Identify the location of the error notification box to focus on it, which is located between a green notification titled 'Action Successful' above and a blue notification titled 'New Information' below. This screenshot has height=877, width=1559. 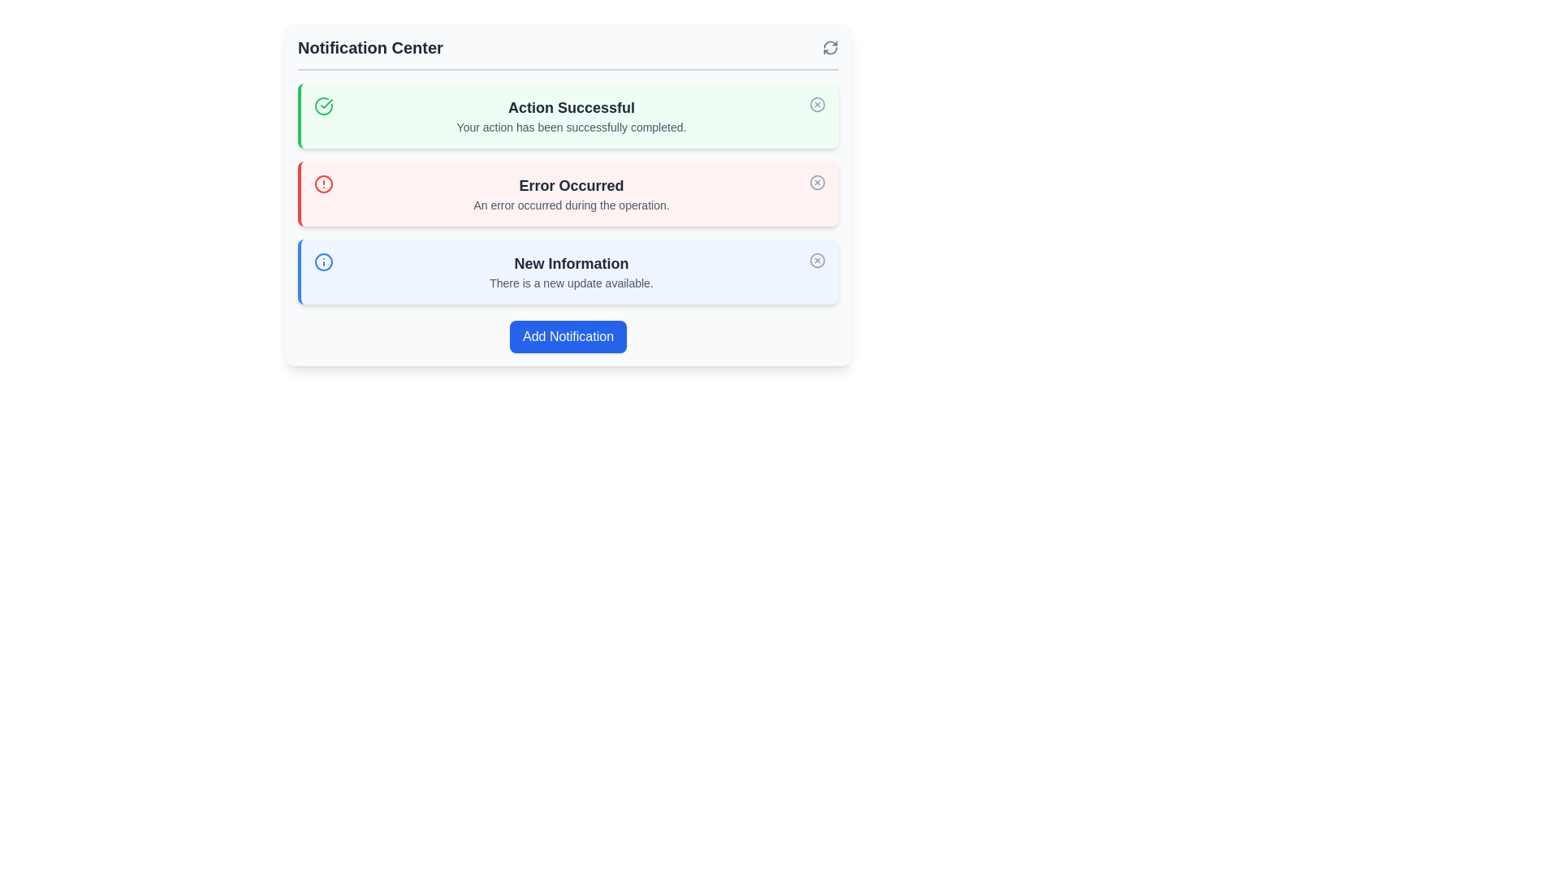
(568, 193).